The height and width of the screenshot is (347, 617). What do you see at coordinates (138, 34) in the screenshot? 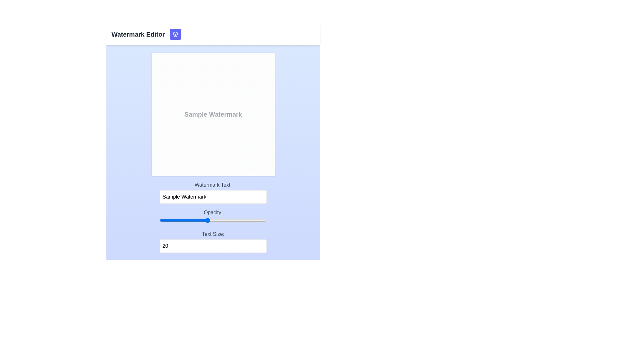
I see `the static label or title text that serves as the heading for the watermark editing section, located at the left side of the horizontal bar at the top of the interface` at bounding box center [138, 34].